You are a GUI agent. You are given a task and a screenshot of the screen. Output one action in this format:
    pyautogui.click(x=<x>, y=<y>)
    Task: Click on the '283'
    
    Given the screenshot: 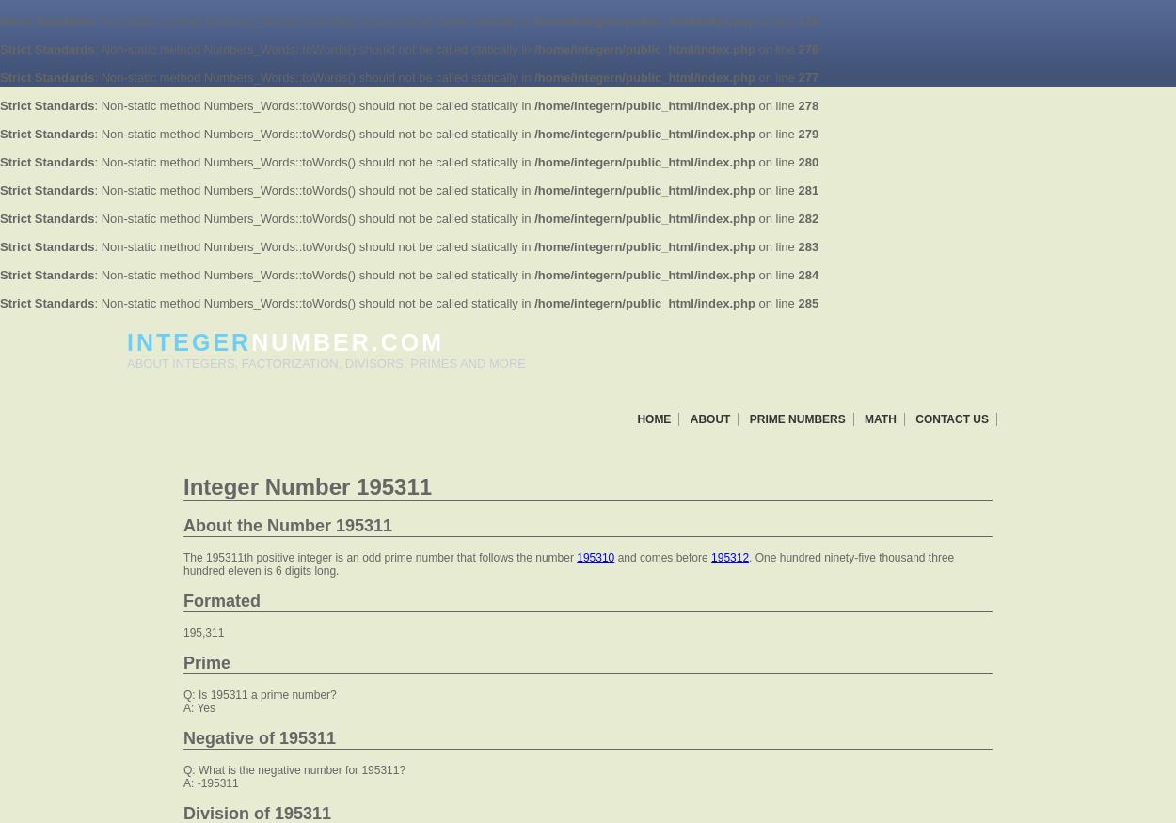 What is the action you would take?
    pyautogui.click(x=807, y=245)
    